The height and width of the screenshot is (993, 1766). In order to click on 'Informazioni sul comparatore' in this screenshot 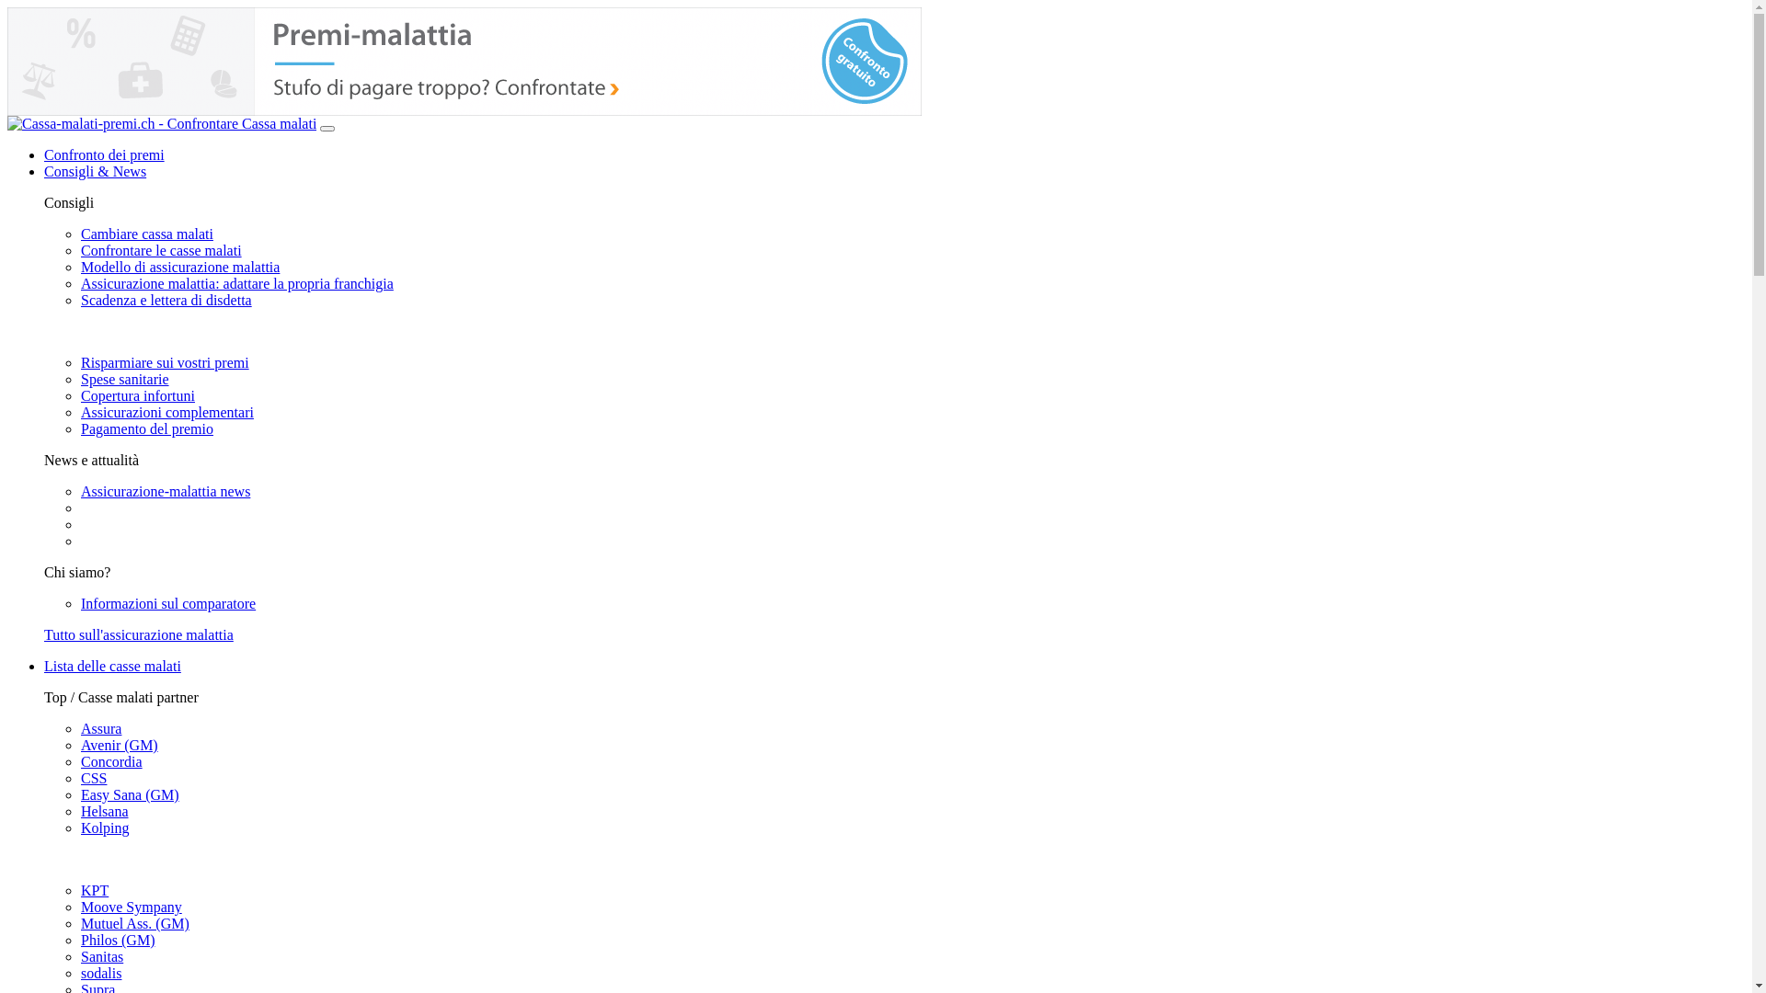, I will do `click(167, 603)`.